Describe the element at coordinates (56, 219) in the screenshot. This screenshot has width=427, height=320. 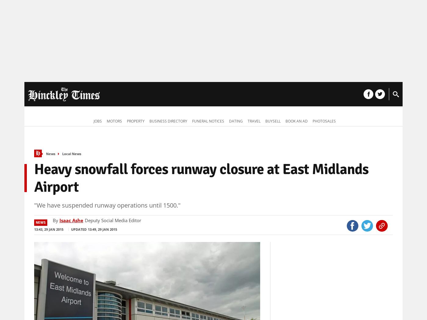
I see `'By'` at that location.